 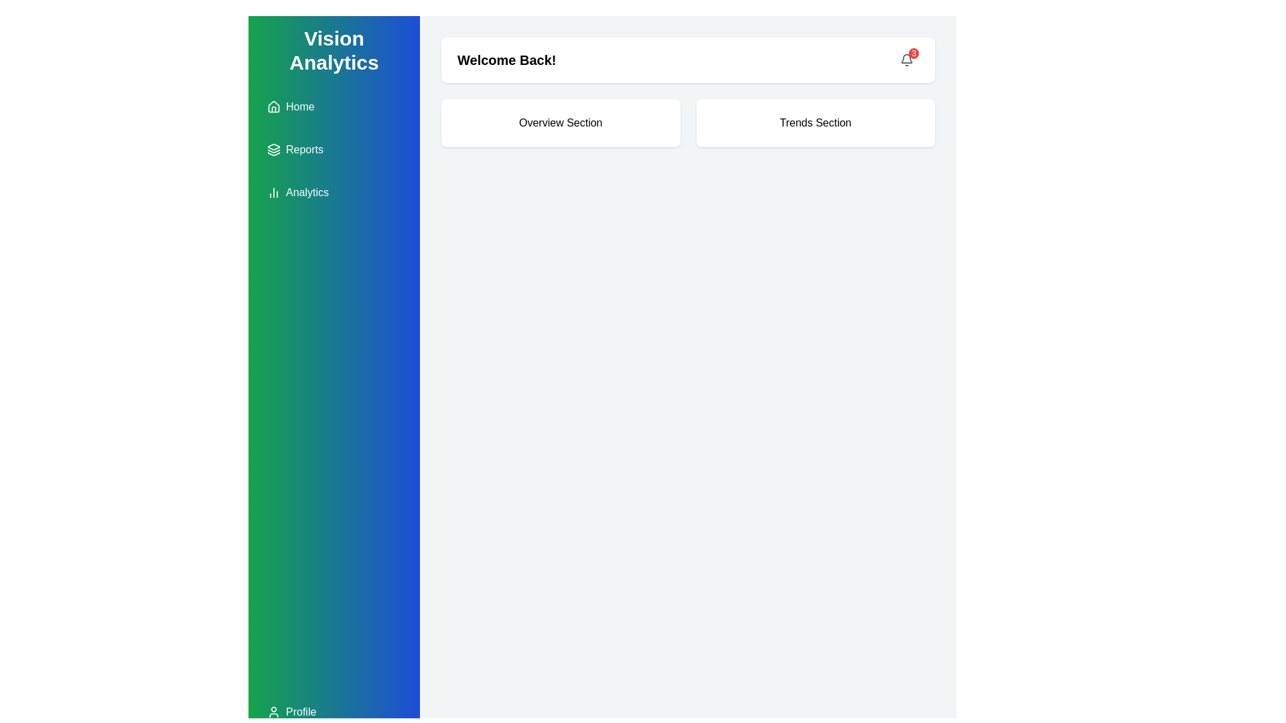 I want to click on the bar chart icon located in the sidebar menu next to the text 'Analytics', so click(x=273, y=193).